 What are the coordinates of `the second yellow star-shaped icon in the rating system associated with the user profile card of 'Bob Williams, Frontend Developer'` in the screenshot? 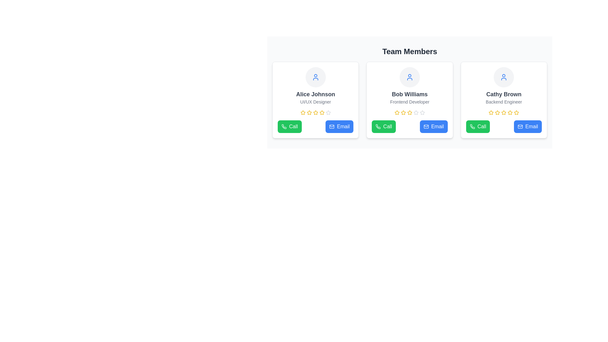 It's located at (403, 112).